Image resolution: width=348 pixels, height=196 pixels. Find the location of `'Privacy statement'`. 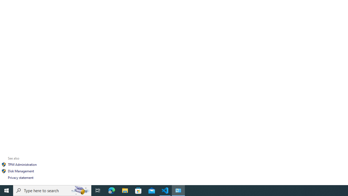

'Privacy statement' is located at coordinates (21, 177).